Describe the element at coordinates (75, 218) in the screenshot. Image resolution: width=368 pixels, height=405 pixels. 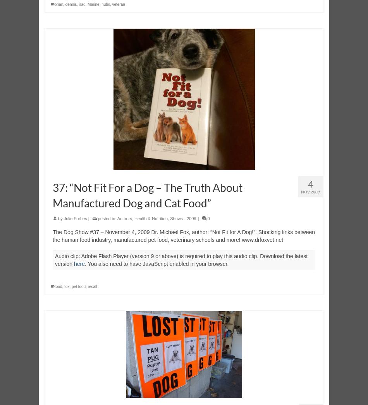
I see `'Julie Forbes'` at that location.